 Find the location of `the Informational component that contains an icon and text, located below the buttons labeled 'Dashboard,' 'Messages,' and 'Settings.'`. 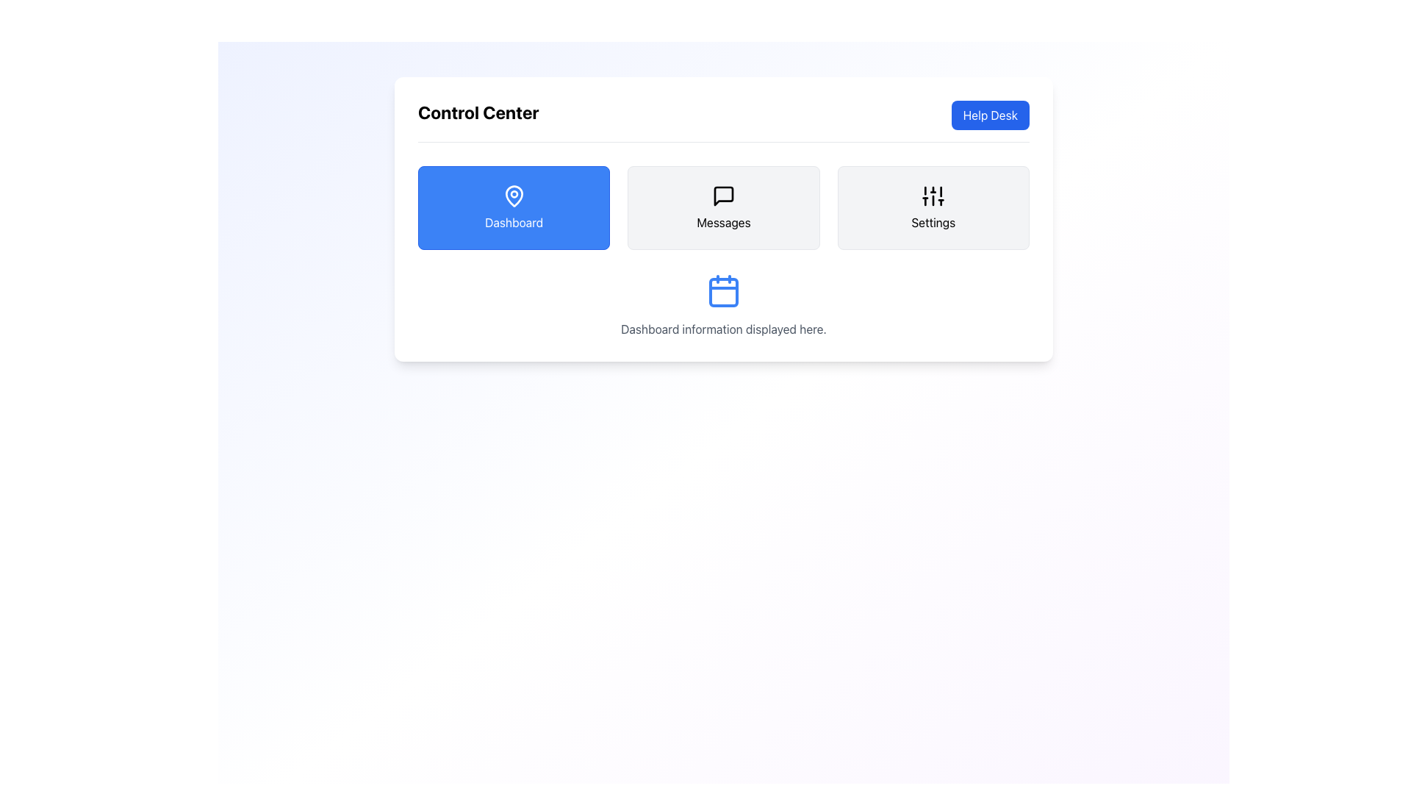

the Informational component that contains an icon and text, located below the buttons labeled 'Dashboard,' 'Messages,' and 'Settings.' is located at coordinates (723, 305).